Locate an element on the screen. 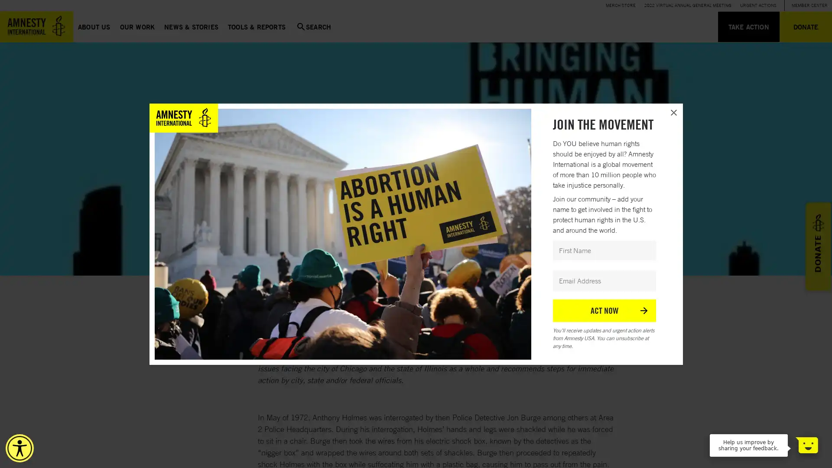  Accessibility Menu is located at coordinates (19, 448).